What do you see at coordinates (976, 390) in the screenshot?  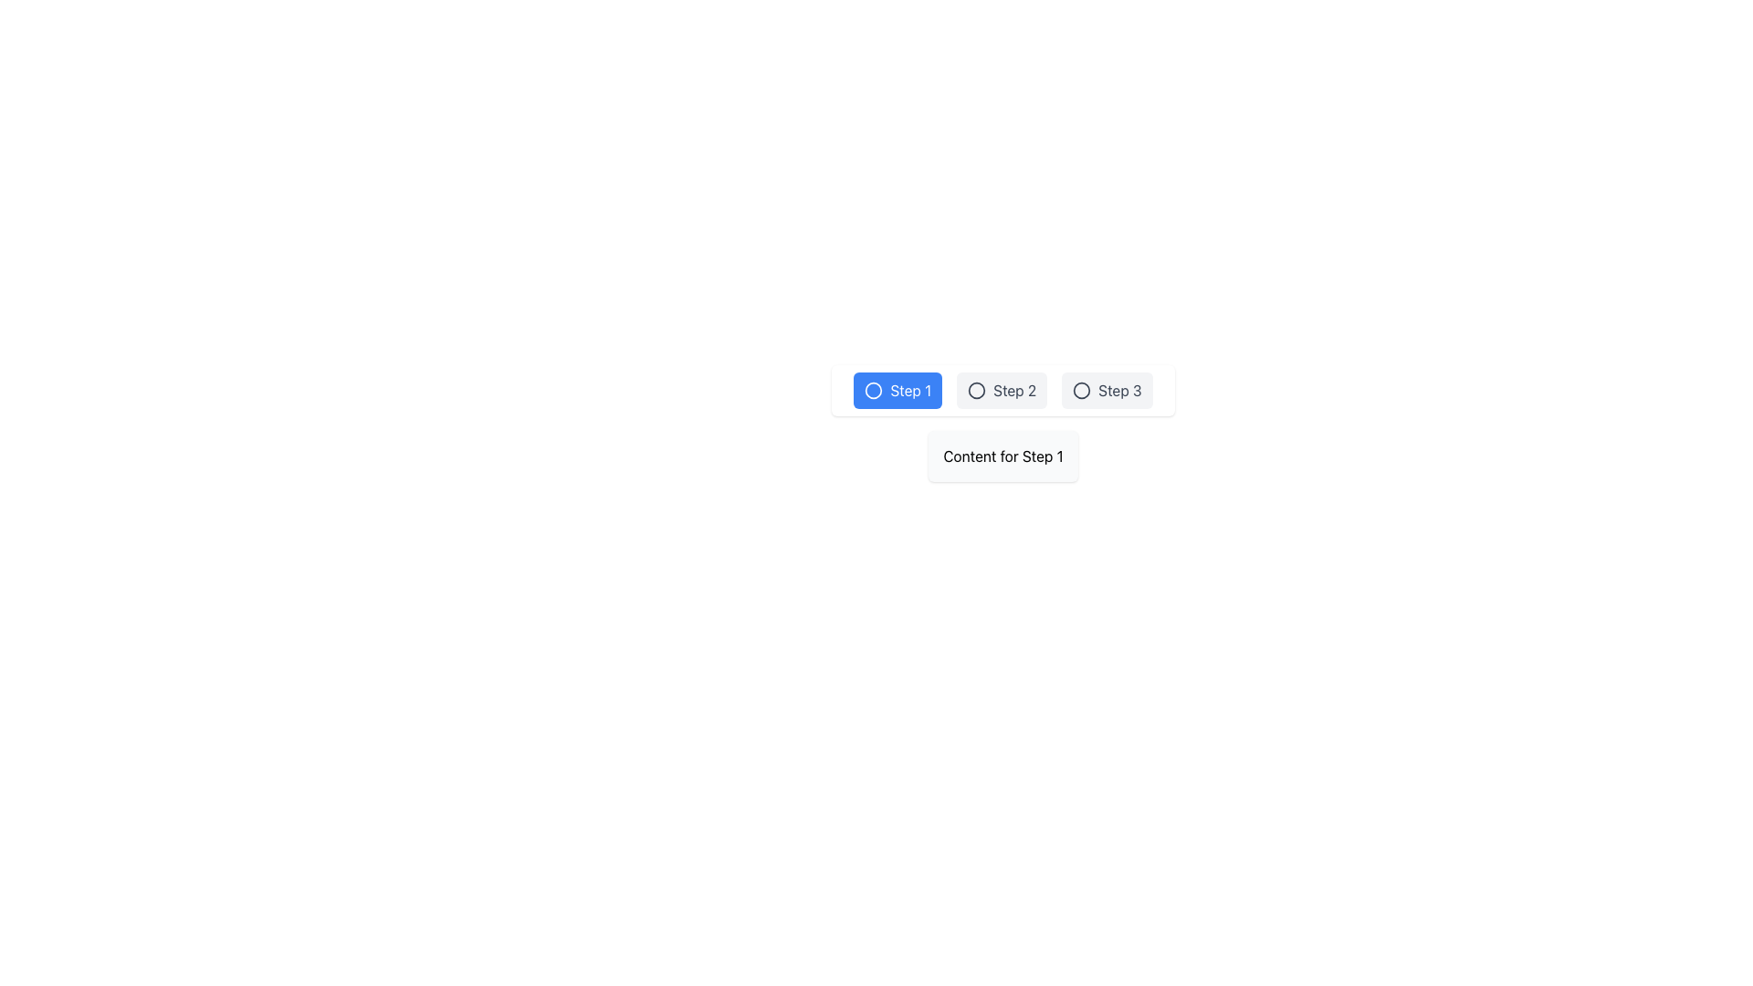 I see `the Circular icon within the 'Step 2' button, indicating the step's identity and current state` at bounding box center [976, 390].